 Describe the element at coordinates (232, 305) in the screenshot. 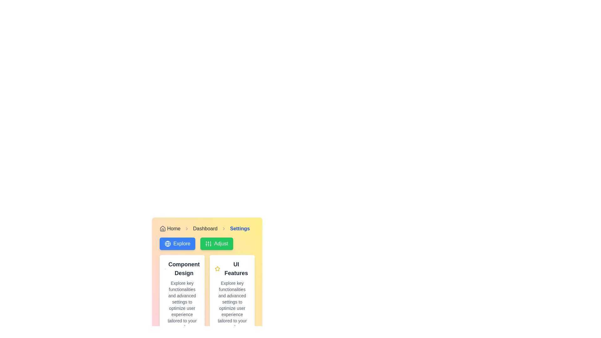

I see `the informational text providing contextual details about the 'UI Features' section, located below the 'UI Features' header and above the 'Learn More' button` at that location.